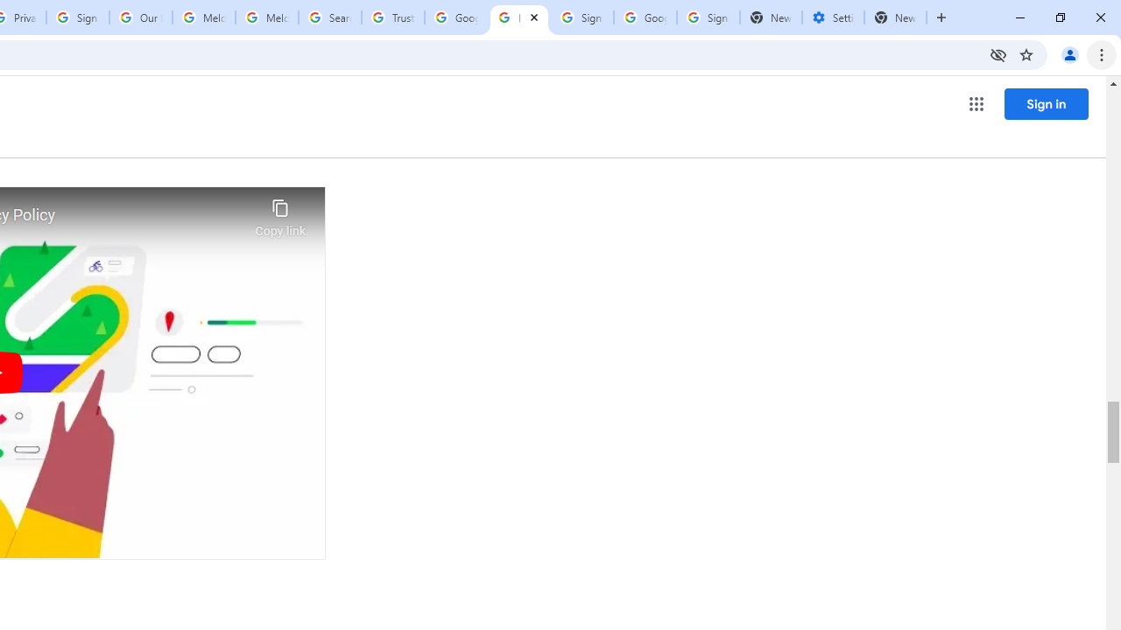 This screenshot has height=630, width=1121. What do you see at coordinates (895, 17) in the screenshot?
I see `'New Tab'` at bounding box center [895, 17].